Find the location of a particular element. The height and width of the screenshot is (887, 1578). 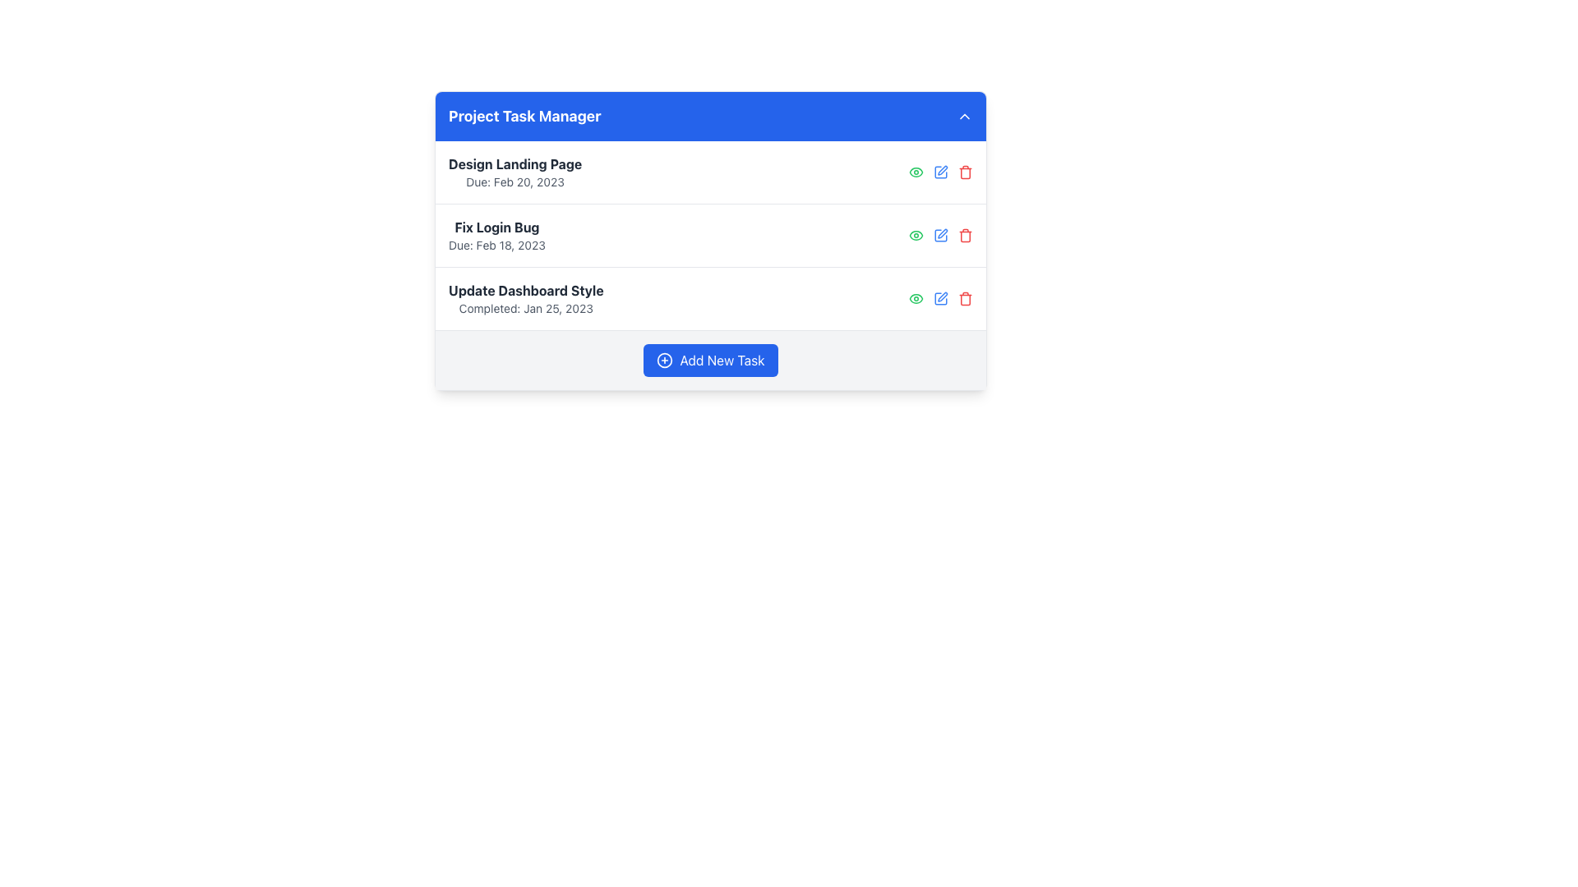

the plus icon within the blue button labeled 'Add New Task', which is styled in a line drawing format and enclosed in a circular boundary is located at coordinates (665, 360).